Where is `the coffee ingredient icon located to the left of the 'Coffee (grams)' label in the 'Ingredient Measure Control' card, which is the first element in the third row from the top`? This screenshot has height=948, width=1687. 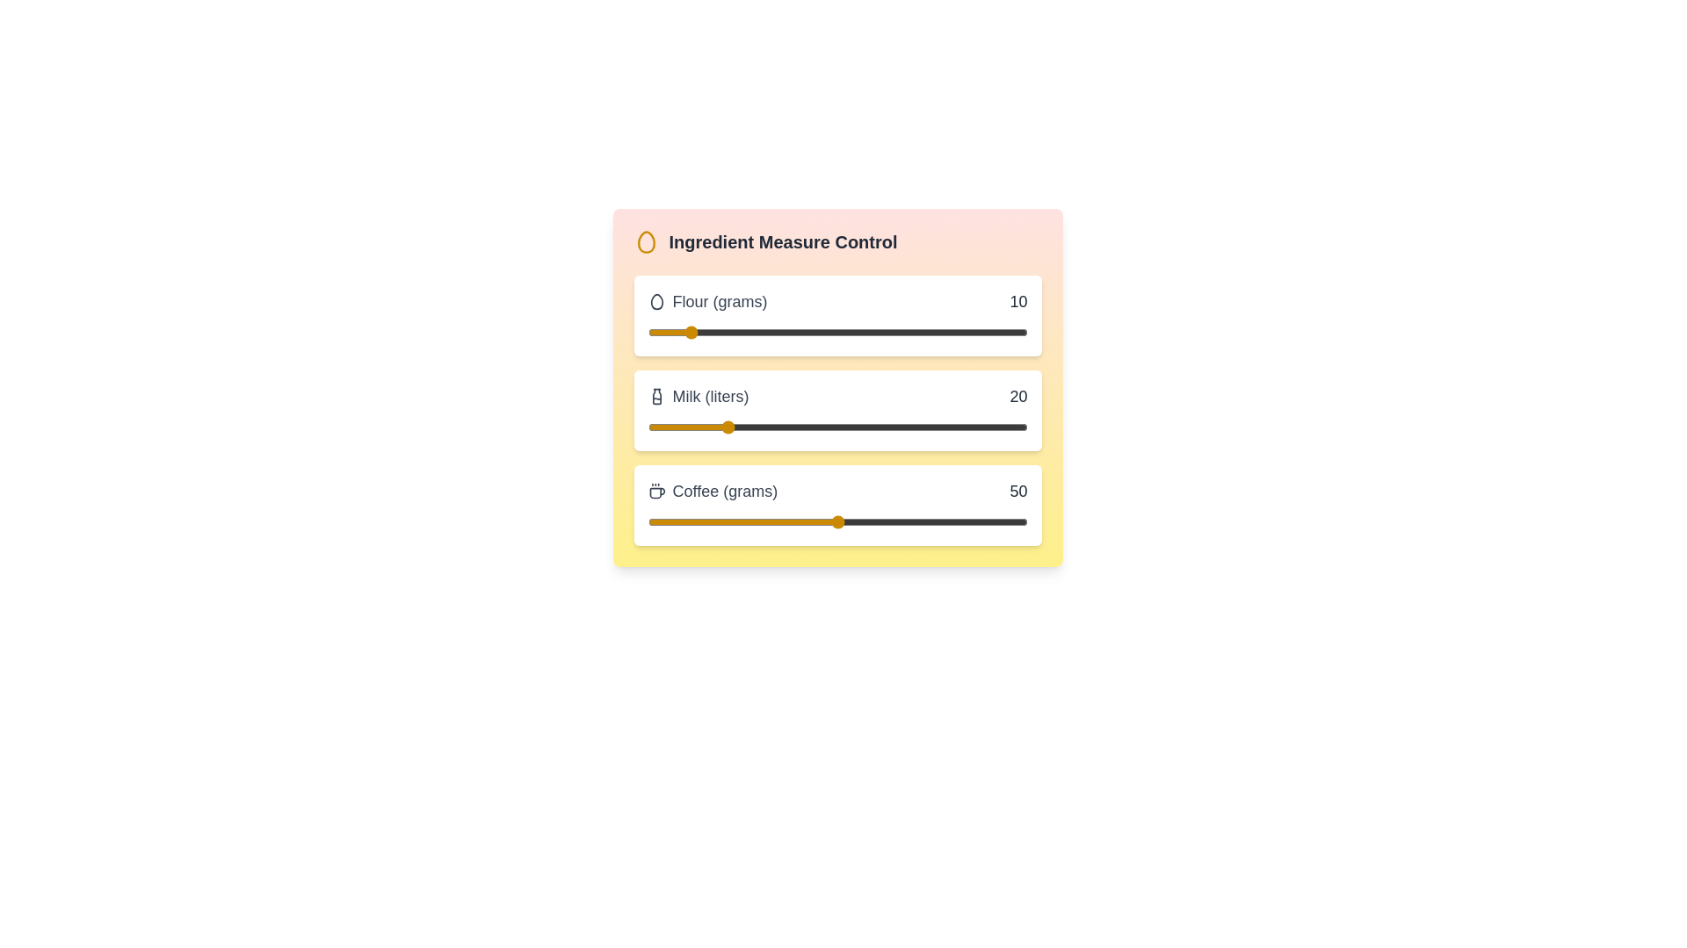 the coffee ingredient icon located to the left of the 'Coffee (grams)' label in the 'Ingredient Measure Control' card, which is the first element in the third row from the top is located at coordinates (655, 491).